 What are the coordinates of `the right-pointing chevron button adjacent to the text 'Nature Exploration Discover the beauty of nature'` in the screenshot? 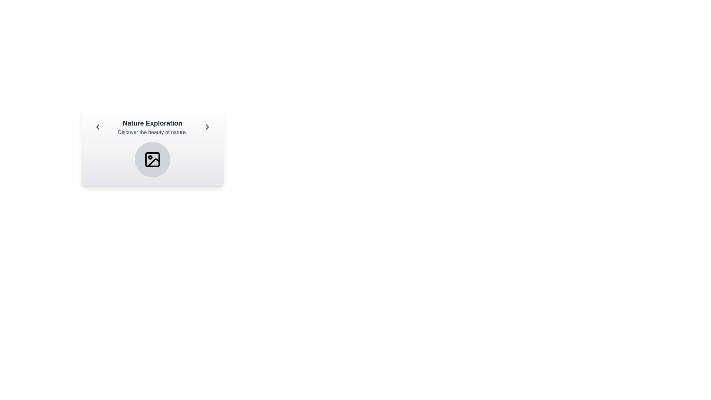 It's located at (207, 127).